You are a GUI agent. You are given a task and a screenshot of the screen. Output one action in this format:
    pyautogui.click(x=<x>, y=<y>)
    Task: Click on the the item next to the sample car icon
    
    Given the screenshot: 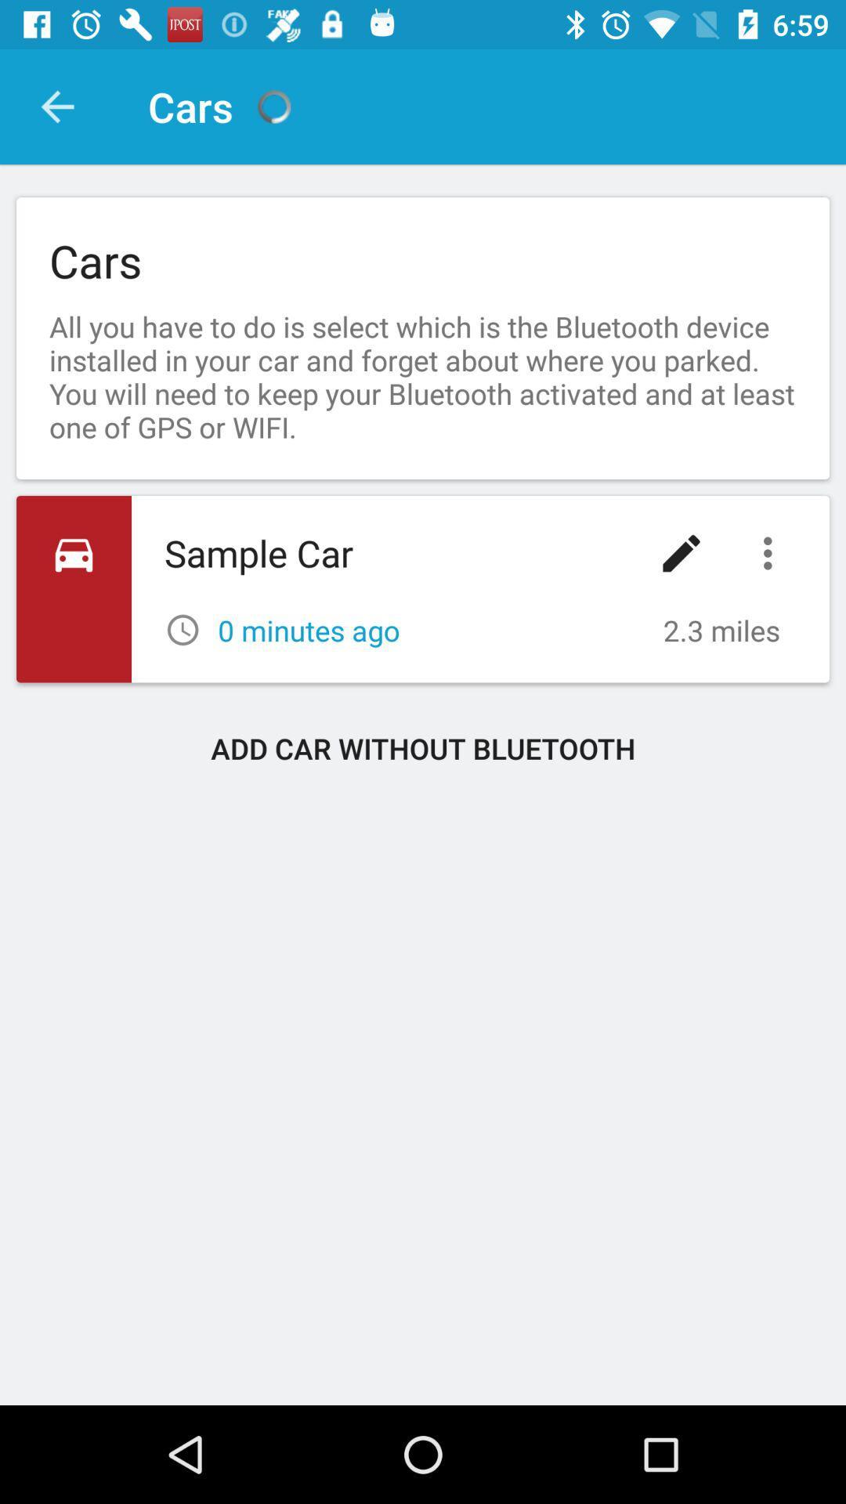 What is the action you would take?
    pyautogui.click(x=681, y=553)
    